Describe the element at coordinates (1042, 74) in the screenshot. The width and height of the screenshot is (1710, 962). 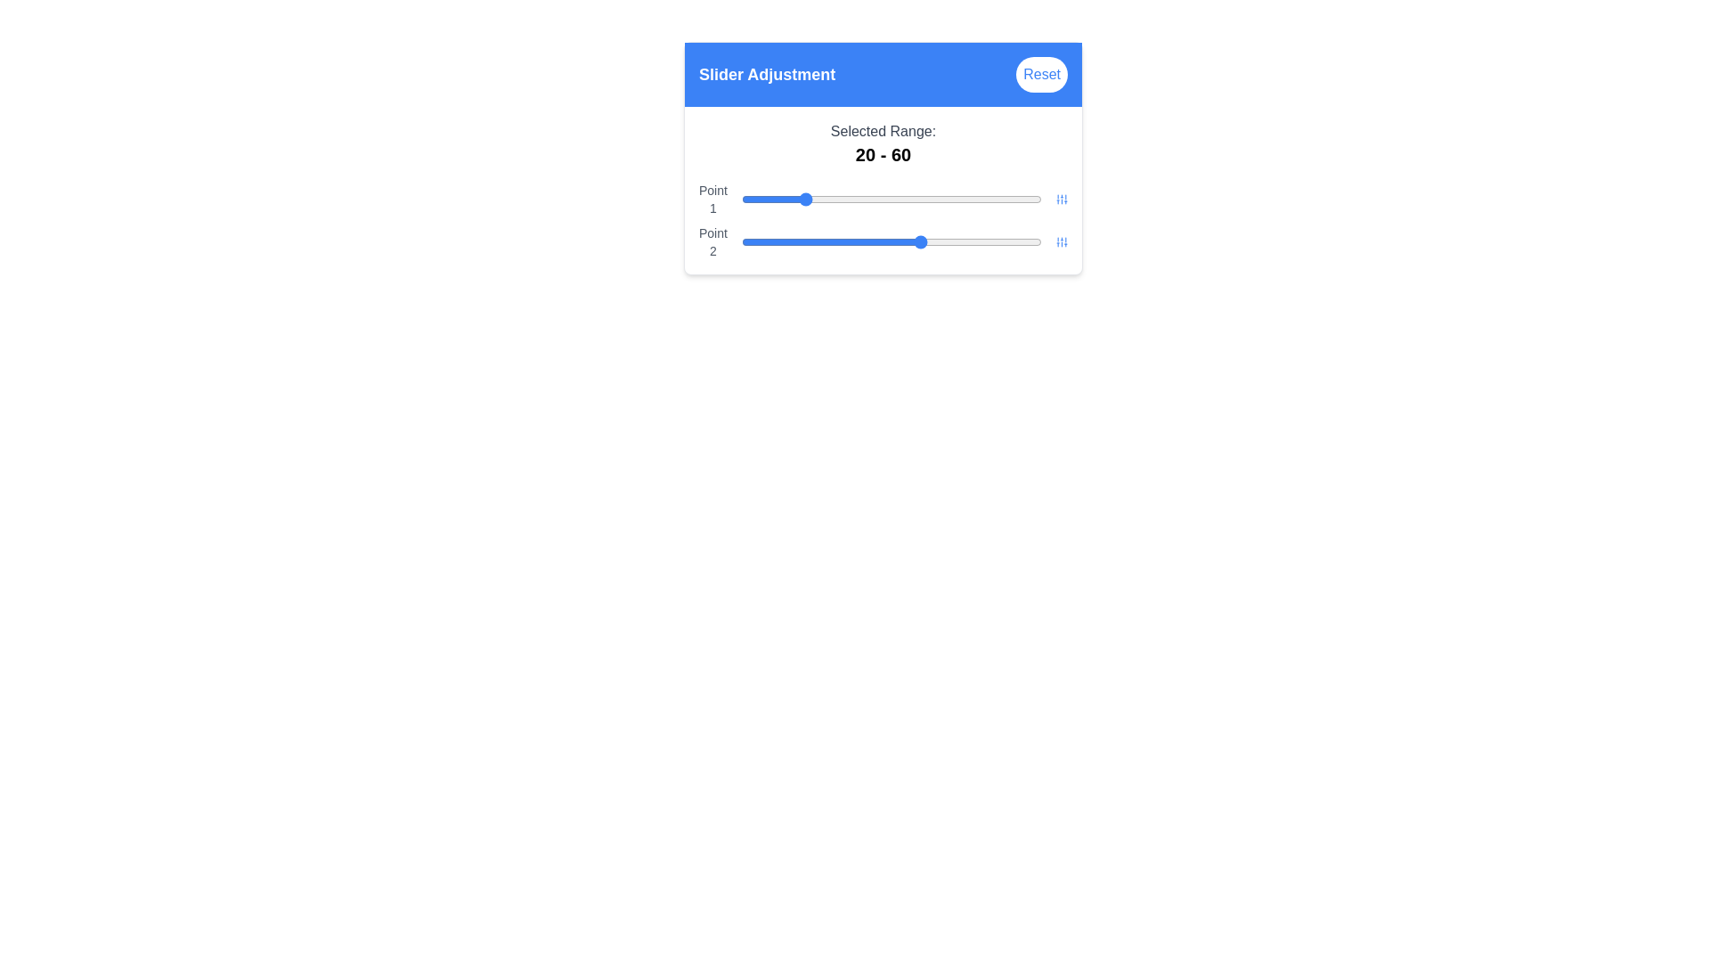
I see `the circular 'Reset' button with a white background and blue text located in the upper-right corner of the blue header bar` at that location.